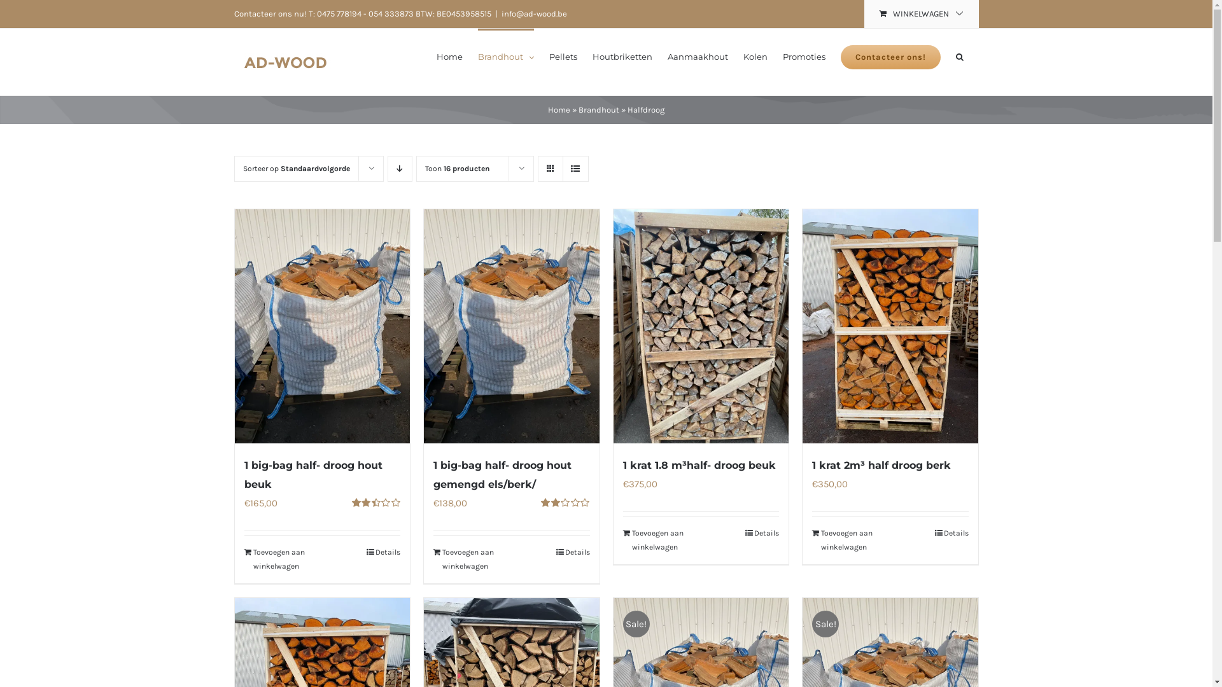  What do you see at coordinates (956, 55) in the screenshot?
I see `'Zoeken'` at bounding box center [956, 55].